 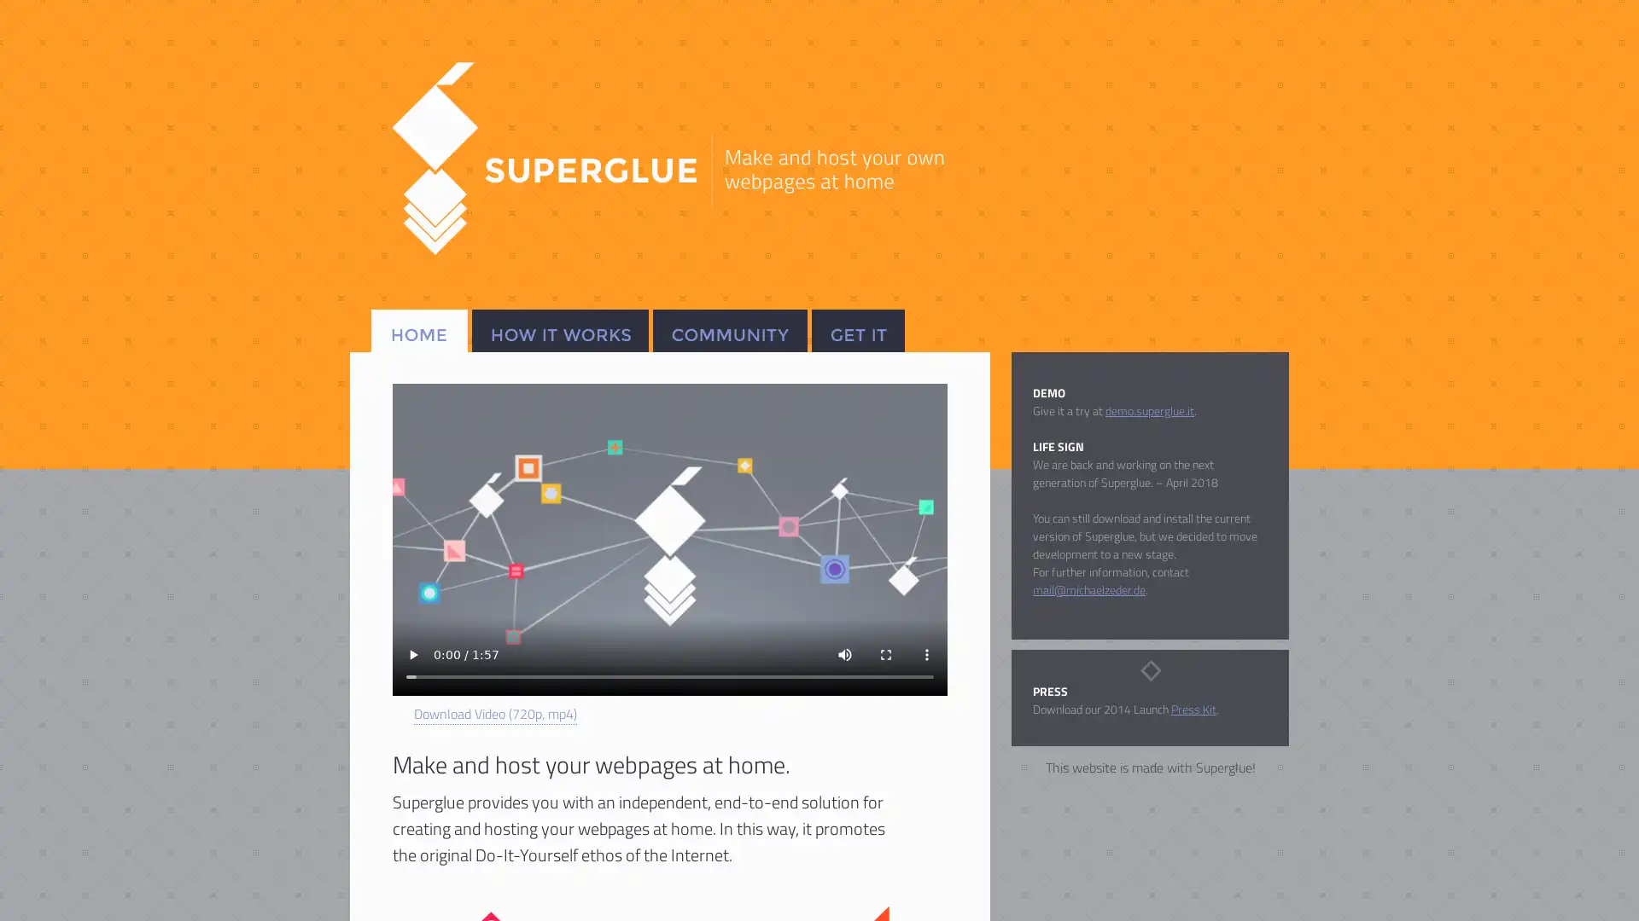 I want to click on enter full screen, so click(x=885, y=653).